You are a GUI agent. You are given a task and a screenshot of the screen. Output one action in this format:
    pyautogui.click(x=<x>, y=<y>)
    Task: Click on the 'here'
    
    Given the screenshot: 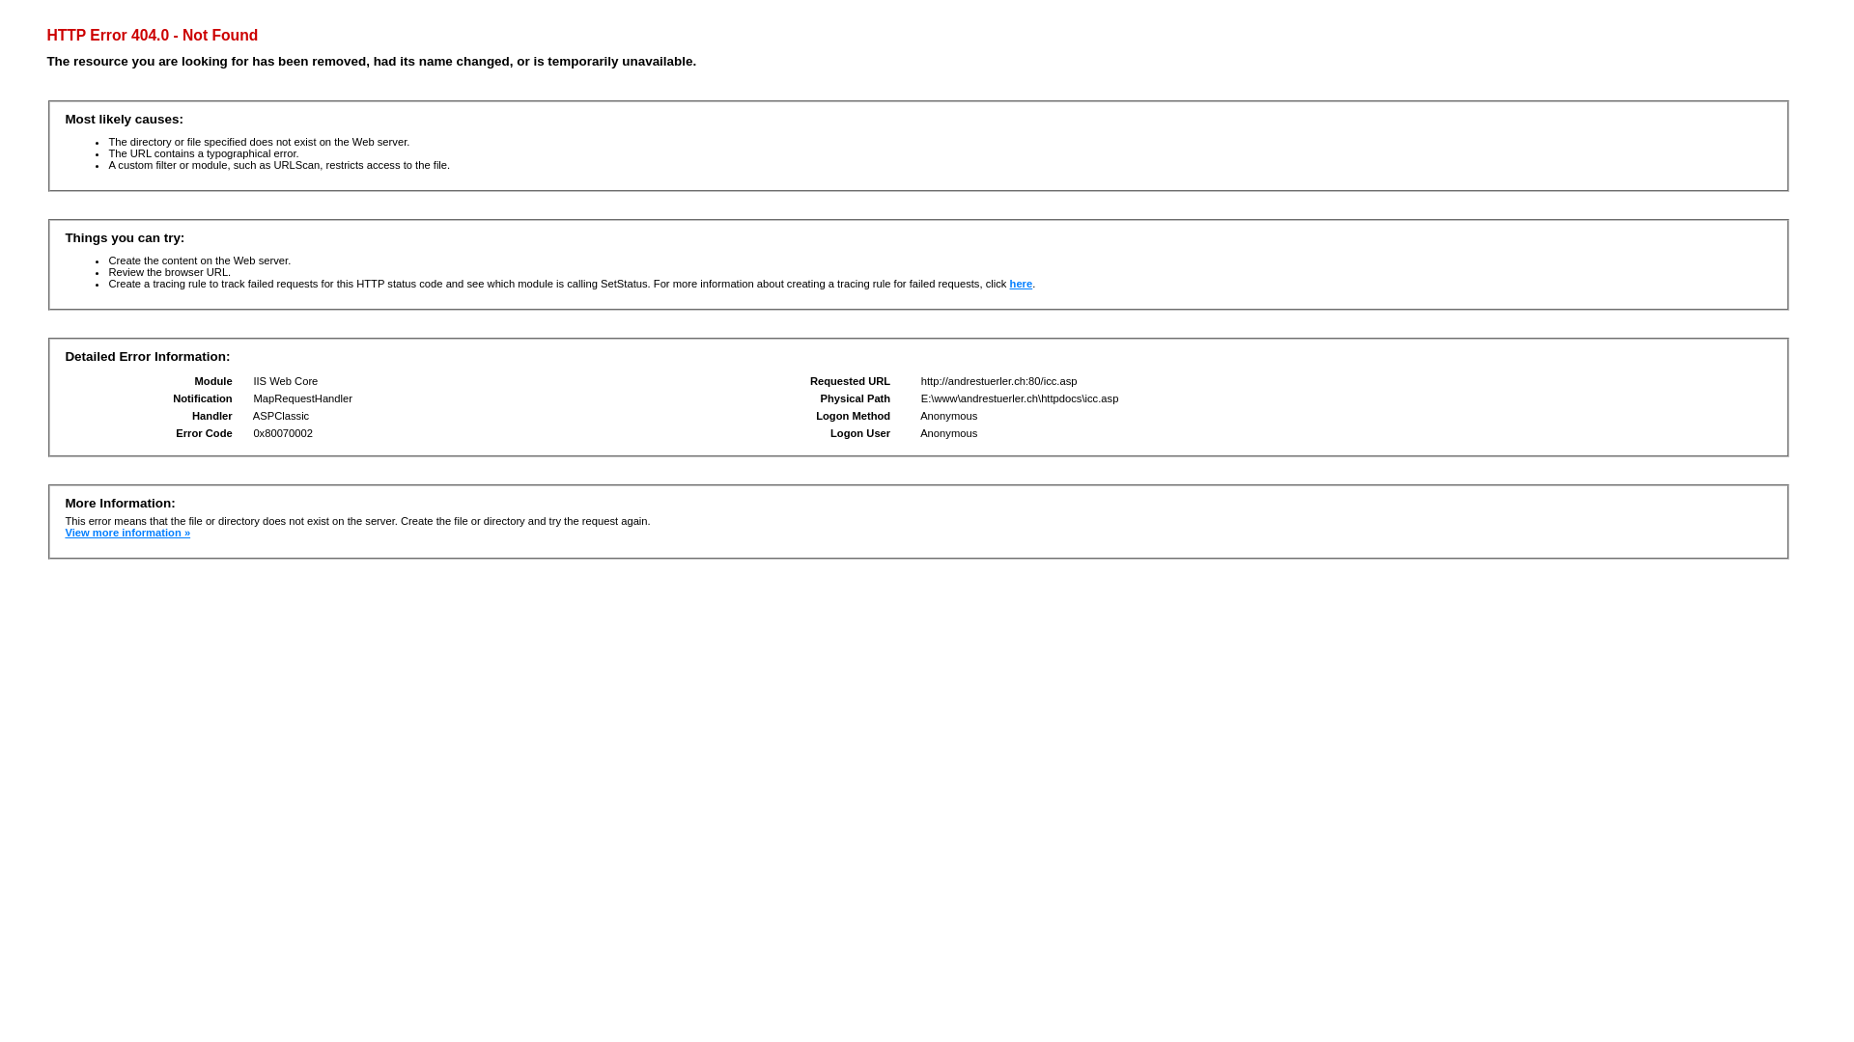 What is the action you would take?
    pyautogui.click(x=1020, y=283)
    